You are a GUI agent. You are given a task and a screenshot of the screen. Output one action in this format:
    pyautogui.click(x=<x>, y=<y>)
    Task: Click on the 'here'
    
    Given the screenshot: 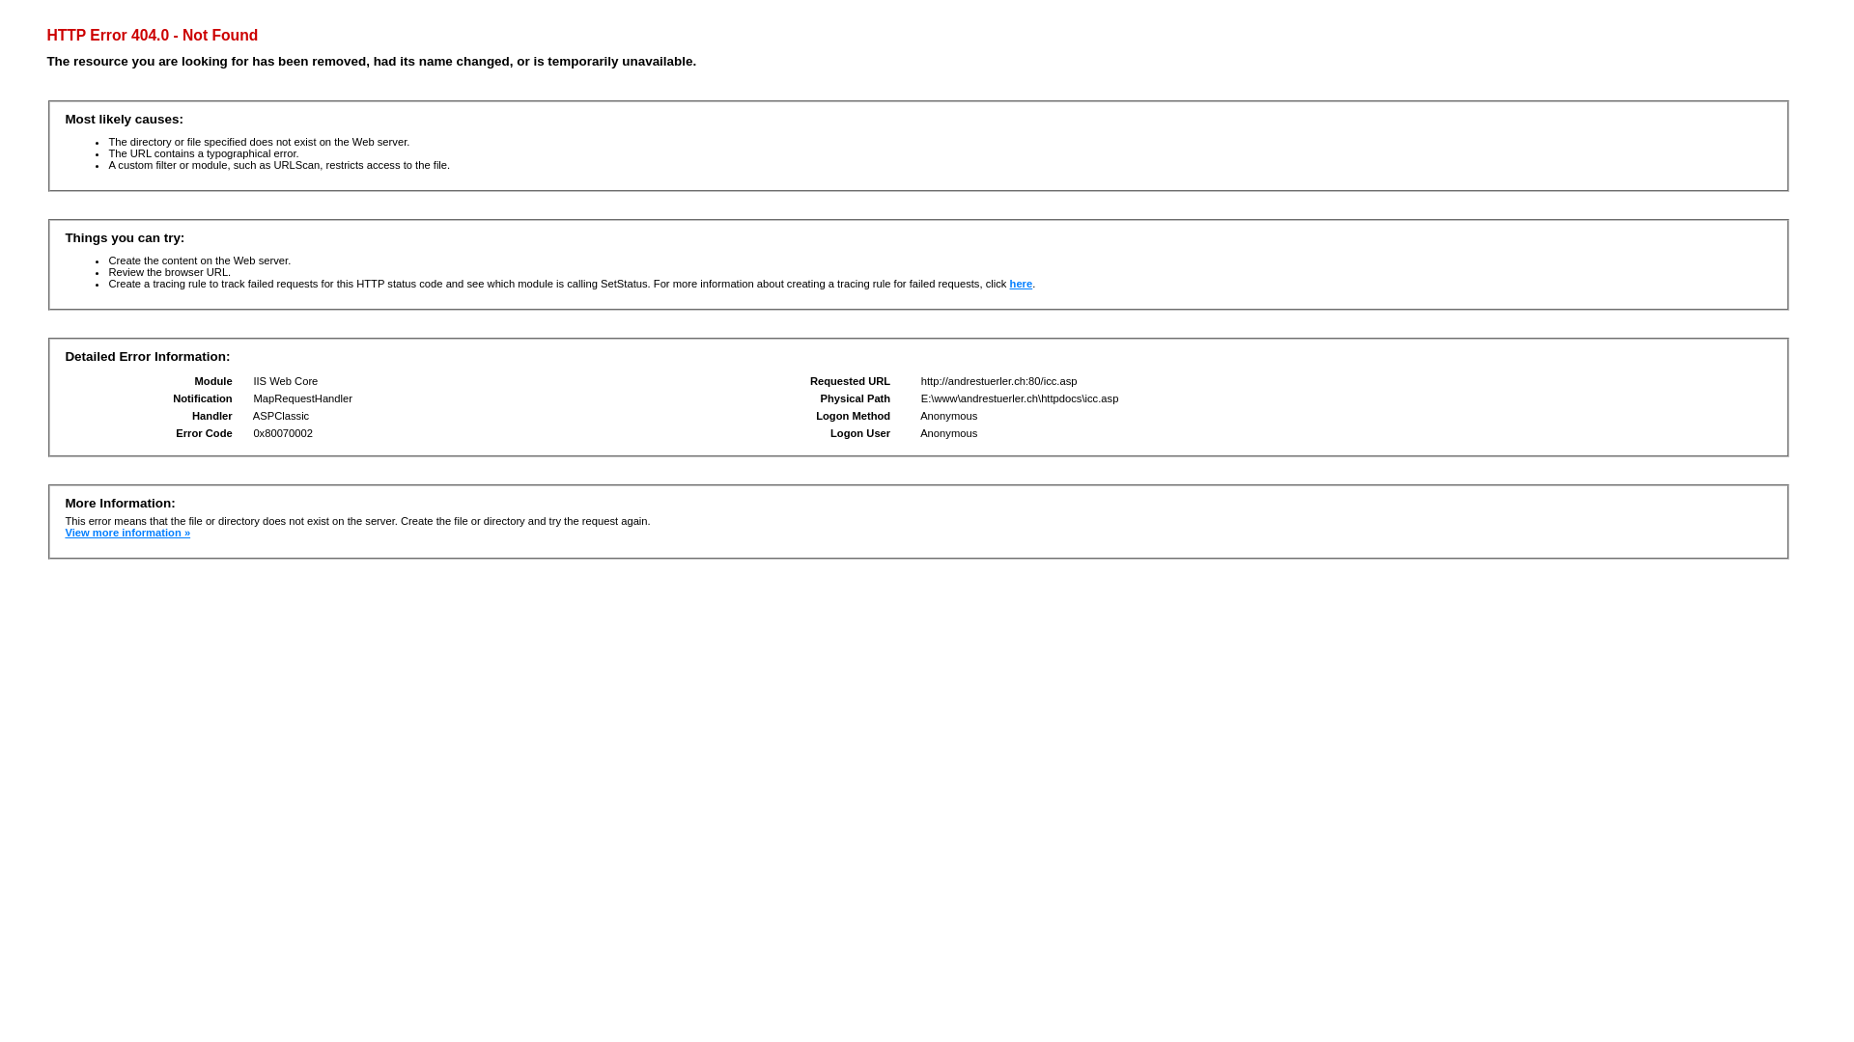 What is the action you would take?
    pyautogui.click(x=1020, y=283)
    